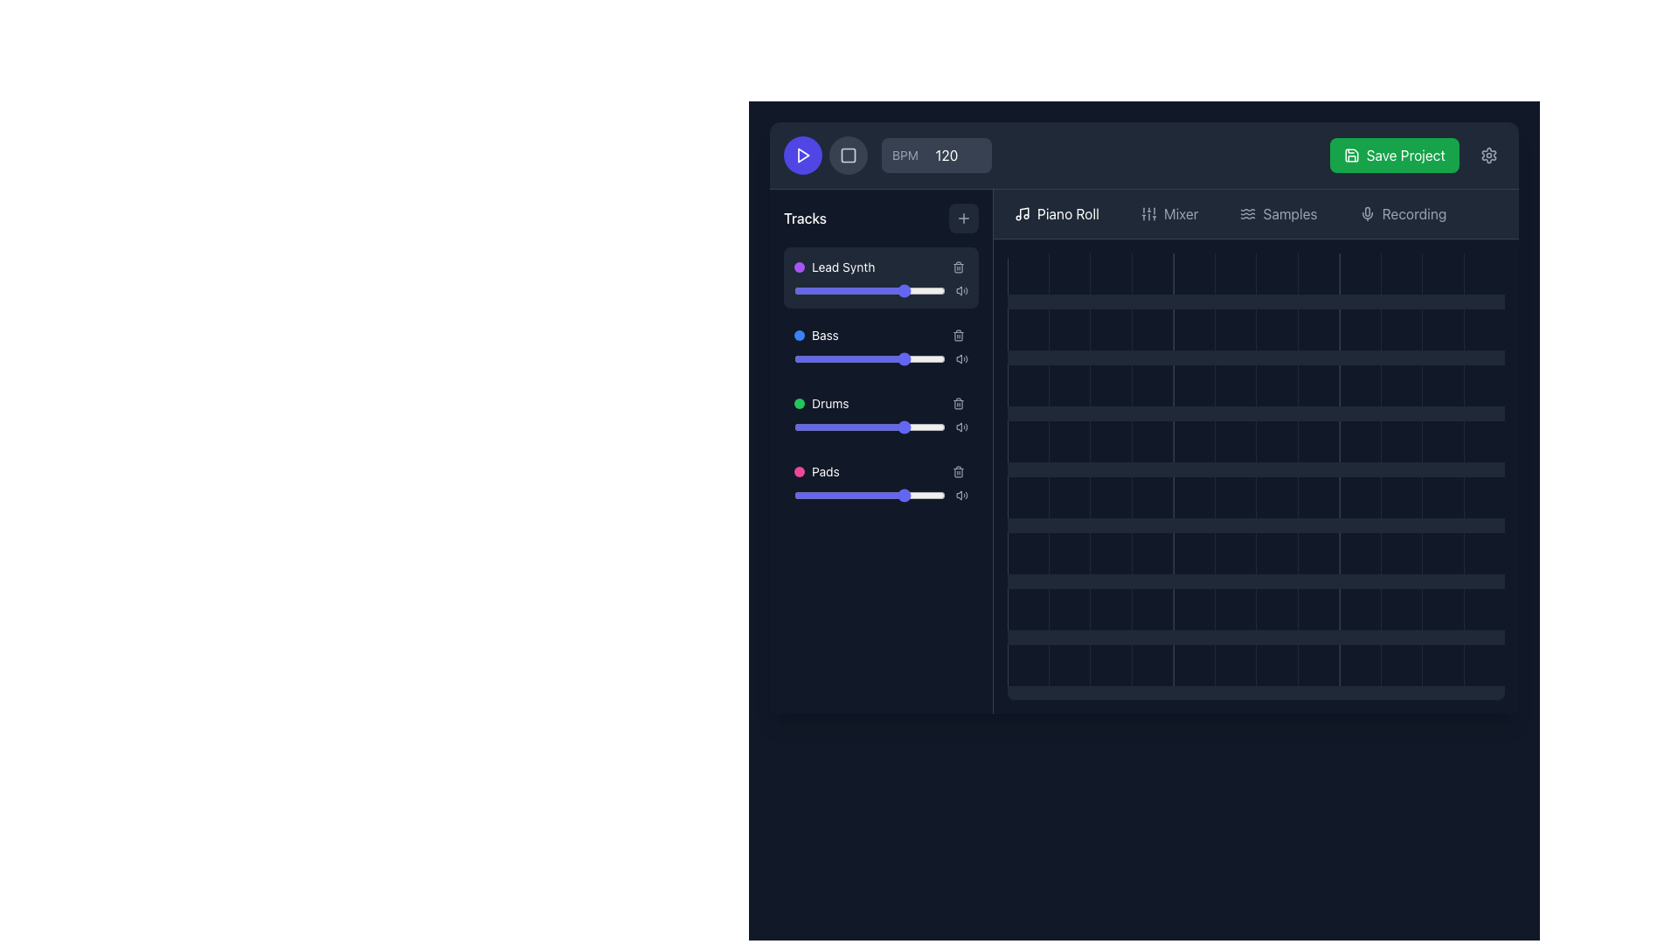 The height and width of the screenshot is (944, 1678). What do you see at coordinates (1366, 213) in the screenshot?
I see `the microphone icon located in the top bar, immediately to the left of the 'Recording' text label, which indicates the recording state` at bounding box center [1366, 213].